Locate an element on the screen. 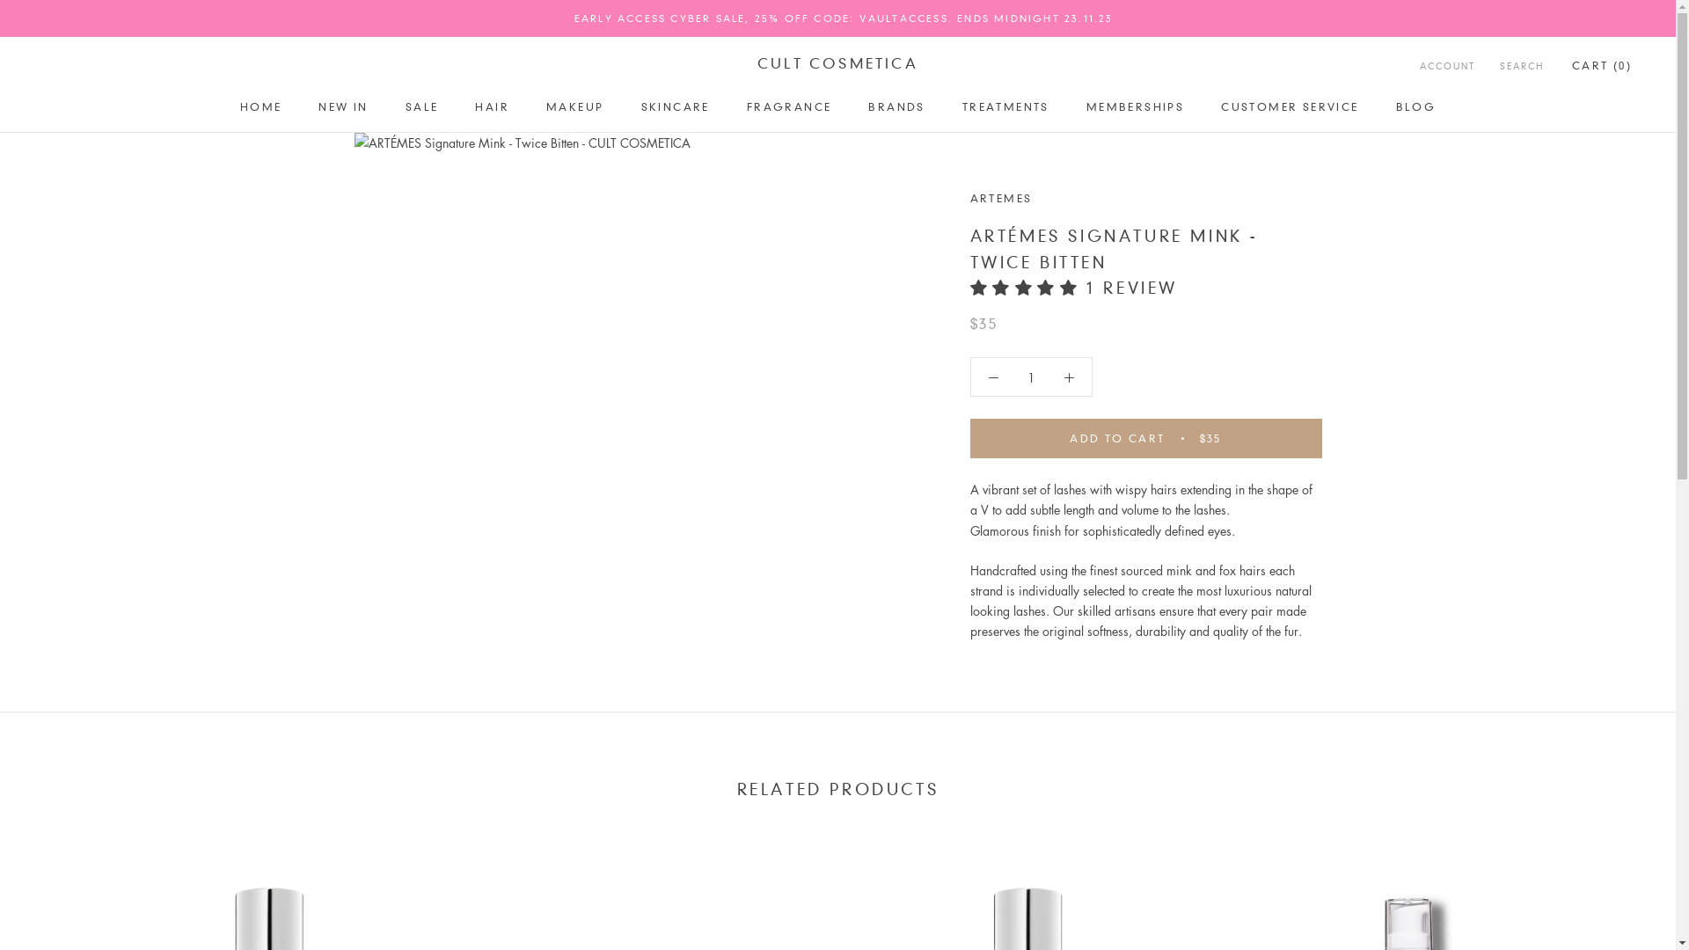  'MAKEUP is located at coordinates (574, 106).